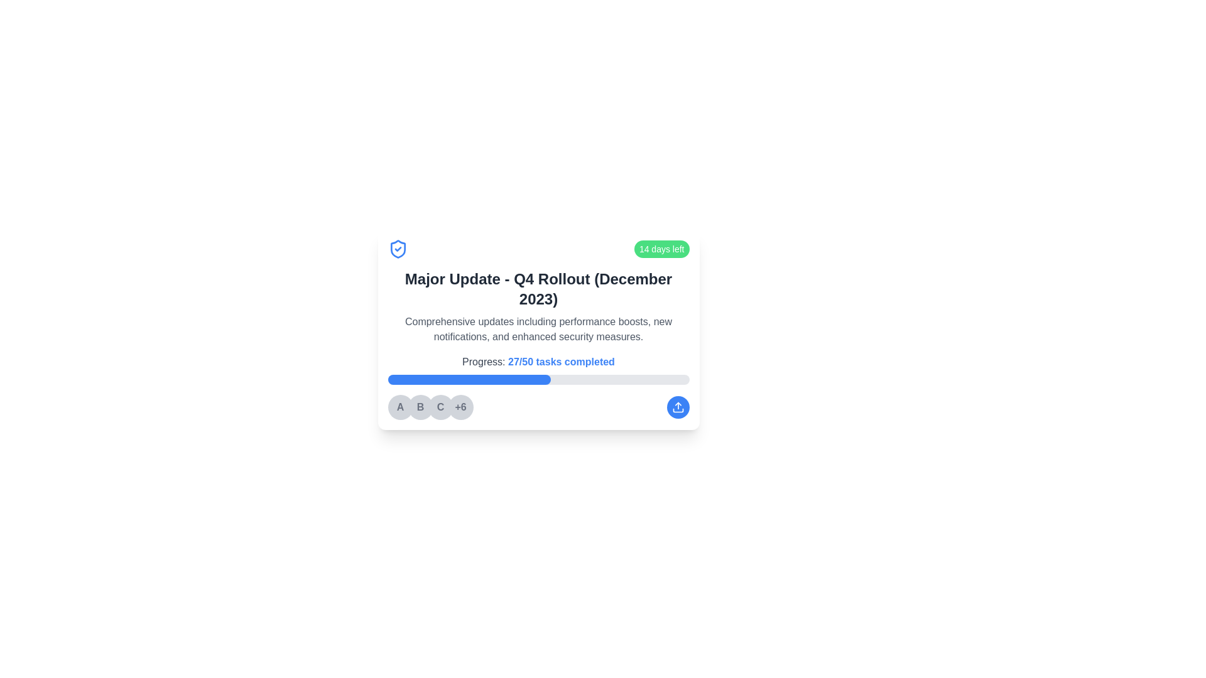  Describe the element at coordinates (538, 289) in the screenshot. I see `the main title or heading Text Display located at the top-middle section of the card, summarizing the main point or announcement` at that location.